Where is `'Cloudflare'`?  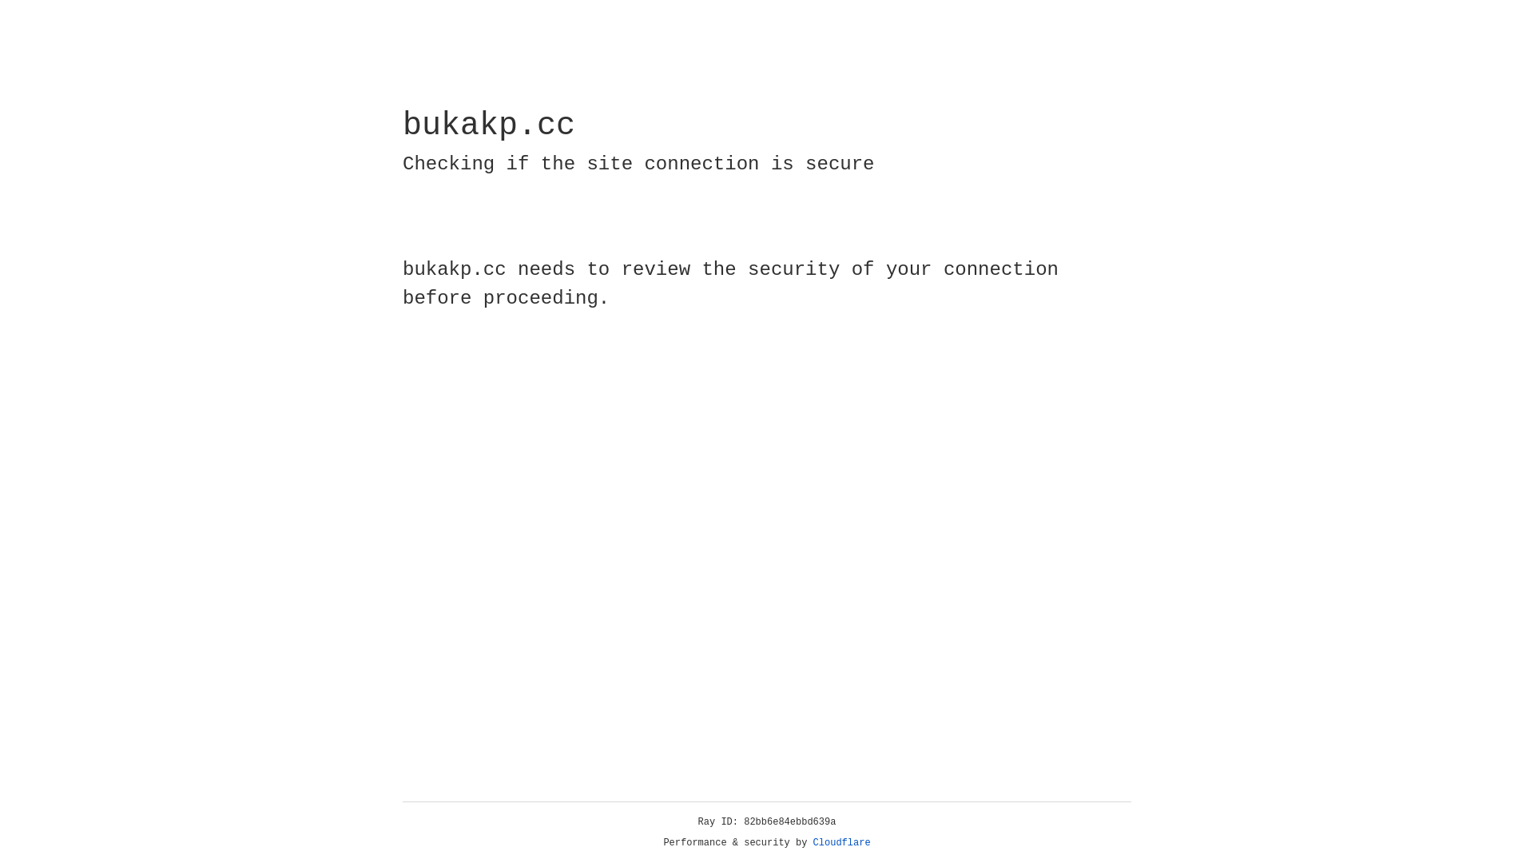
'Cloudflare' is located at coordinates (841, 842).